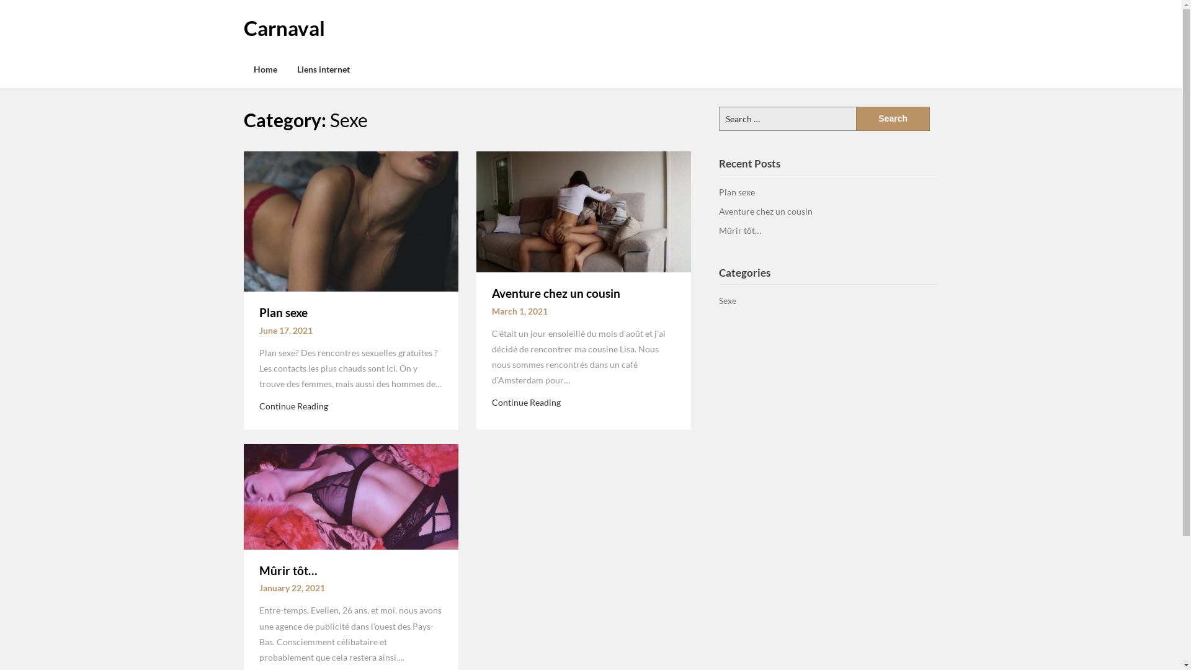 The height and width of the screenshot is (670, 1191). What do you see at coordinates (283, 28) in the screenshot?
I see `'Carnaval'` at bounding box center [283, 28].